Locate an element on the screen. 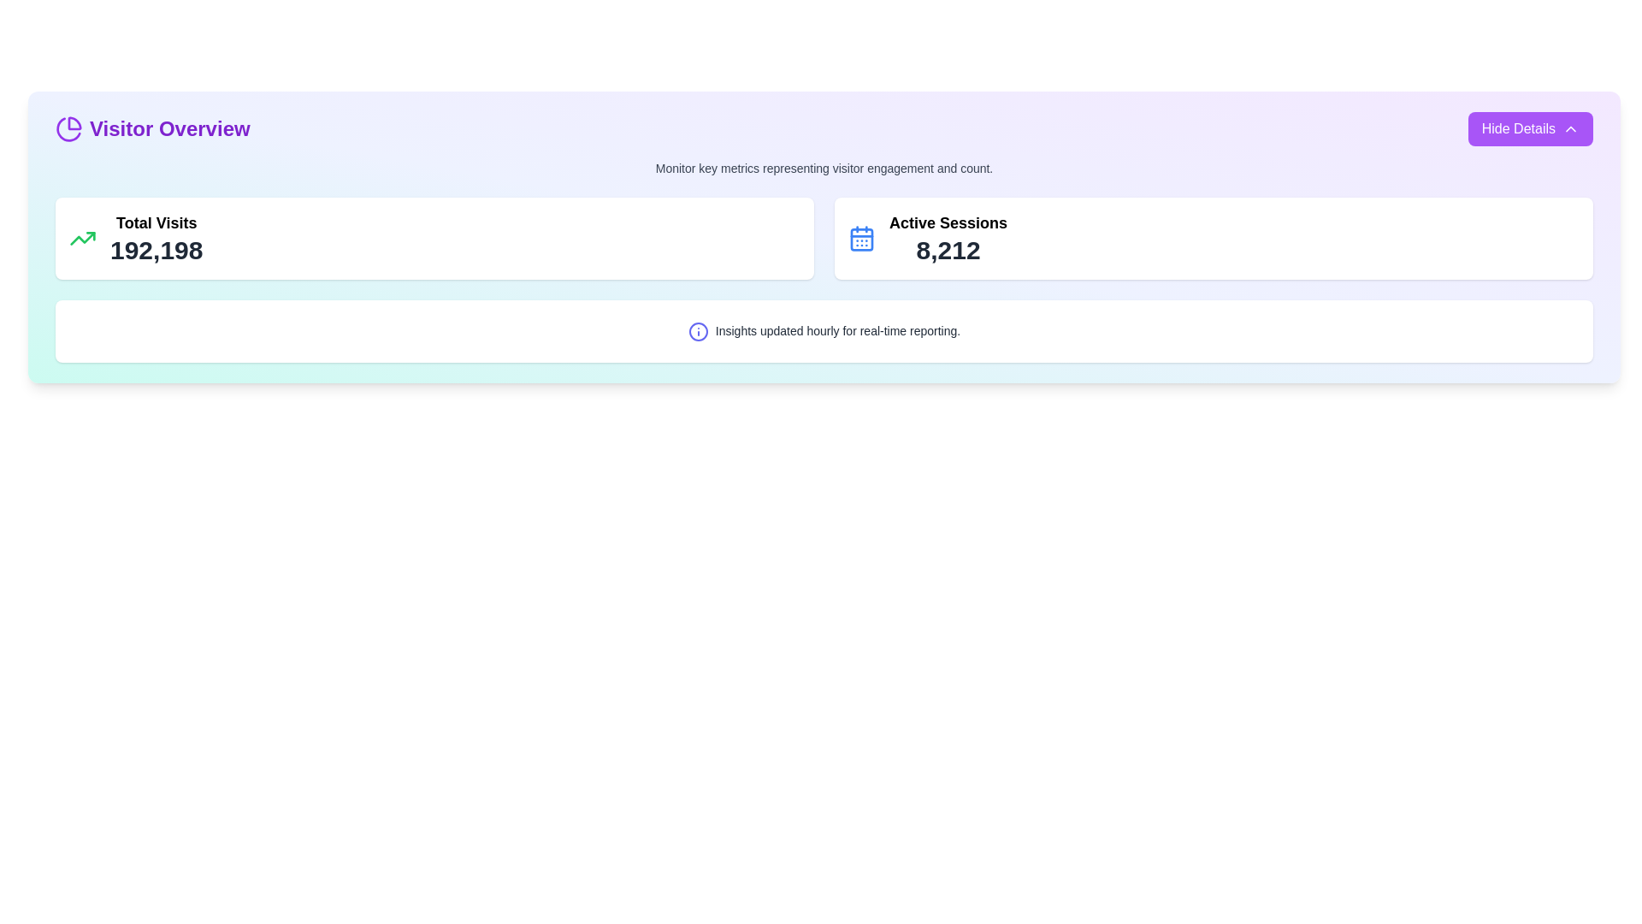 The height and width of the screenshot is (924, 1642). 'Total Visits' label located prominently at the top of the 'Visitor Overview' card, which is styled in large bold font is located at coordinates (157, 222).